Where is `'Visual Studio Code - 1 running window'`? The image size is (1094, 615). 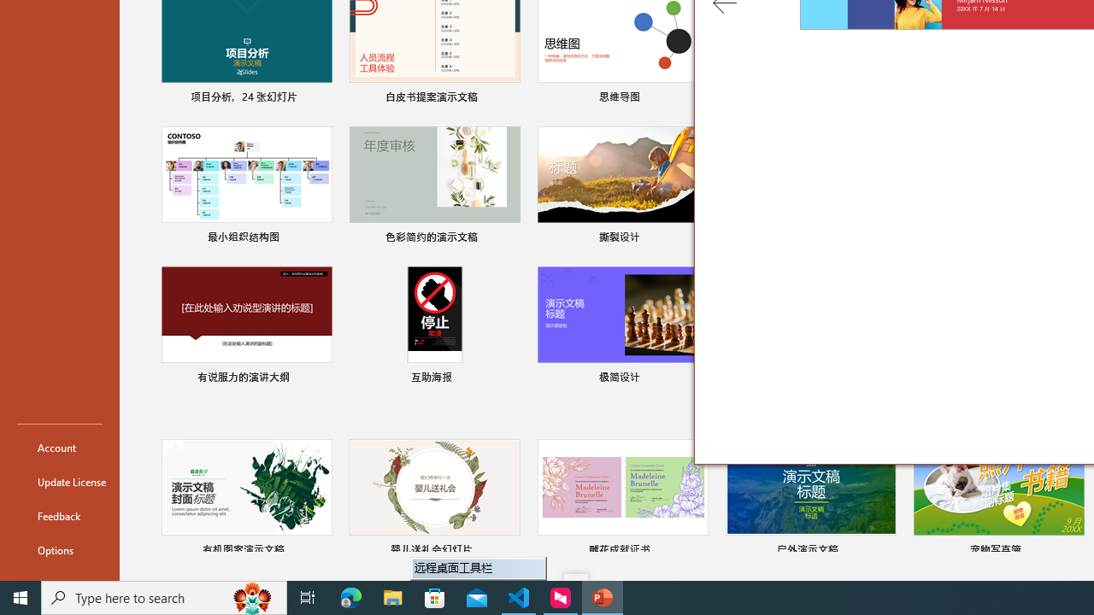 'Visual Studio Code - 1 running window' is located at coordinates (518, 596).